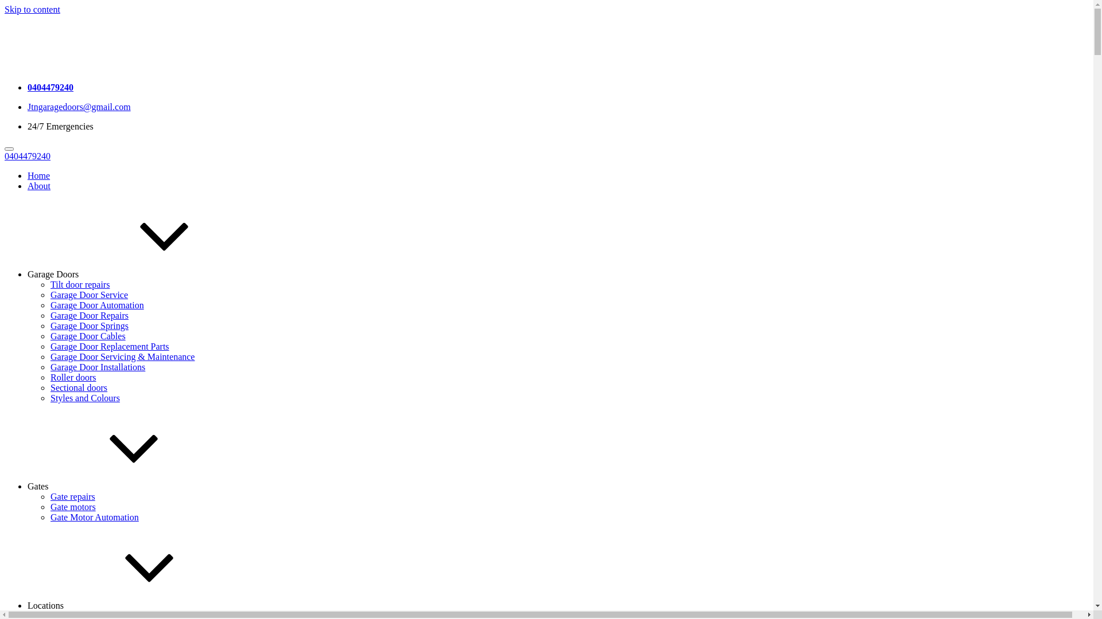 The image size is (1102, 619). Describe the element at coordinates (84, 397) in the screenshot. I see `'Styles and Colours'` at that location.